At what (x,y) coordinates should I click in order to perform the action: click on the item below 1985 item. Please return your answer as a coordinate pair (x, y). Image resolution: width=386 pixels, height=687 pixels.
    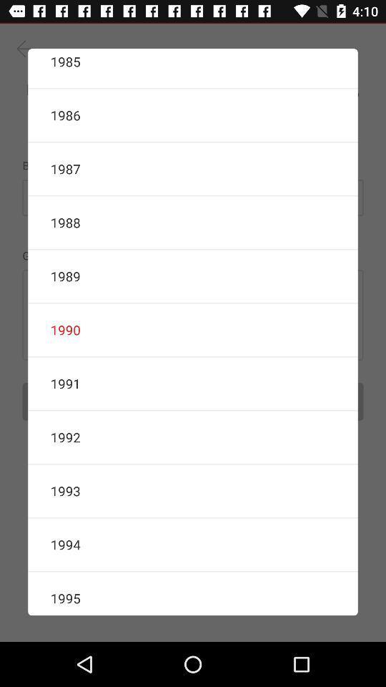
    Looking at the image, I should click on (193, 114).